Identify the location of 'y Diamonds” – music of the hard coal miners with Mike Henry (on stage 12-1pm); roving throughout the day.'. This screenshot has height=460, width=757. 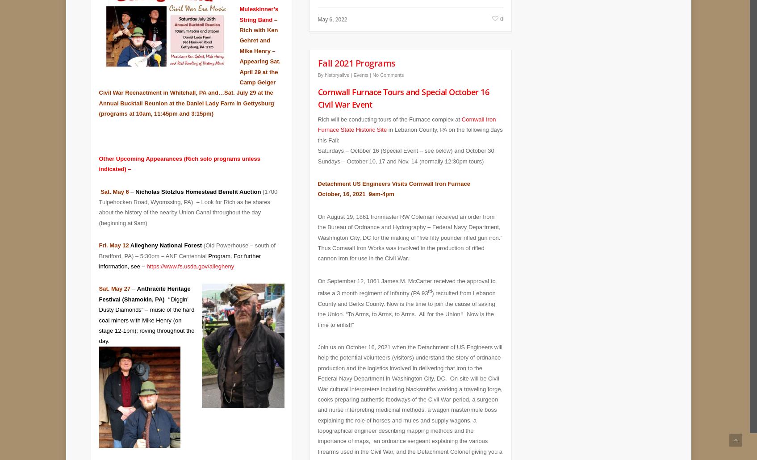
(98, 319).